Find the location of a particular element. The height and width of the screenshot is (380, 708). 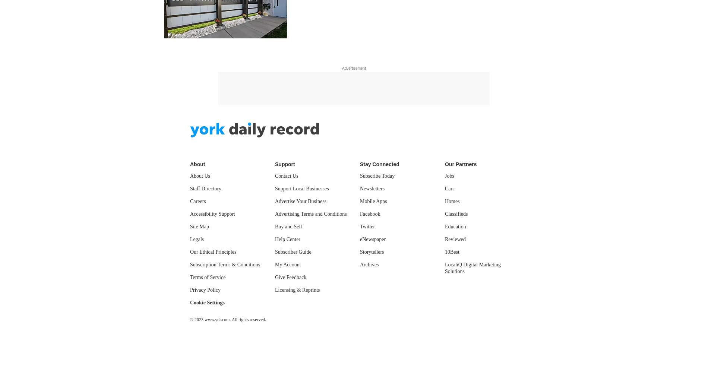

'Contact Us' is located at coordinates (286, 176).